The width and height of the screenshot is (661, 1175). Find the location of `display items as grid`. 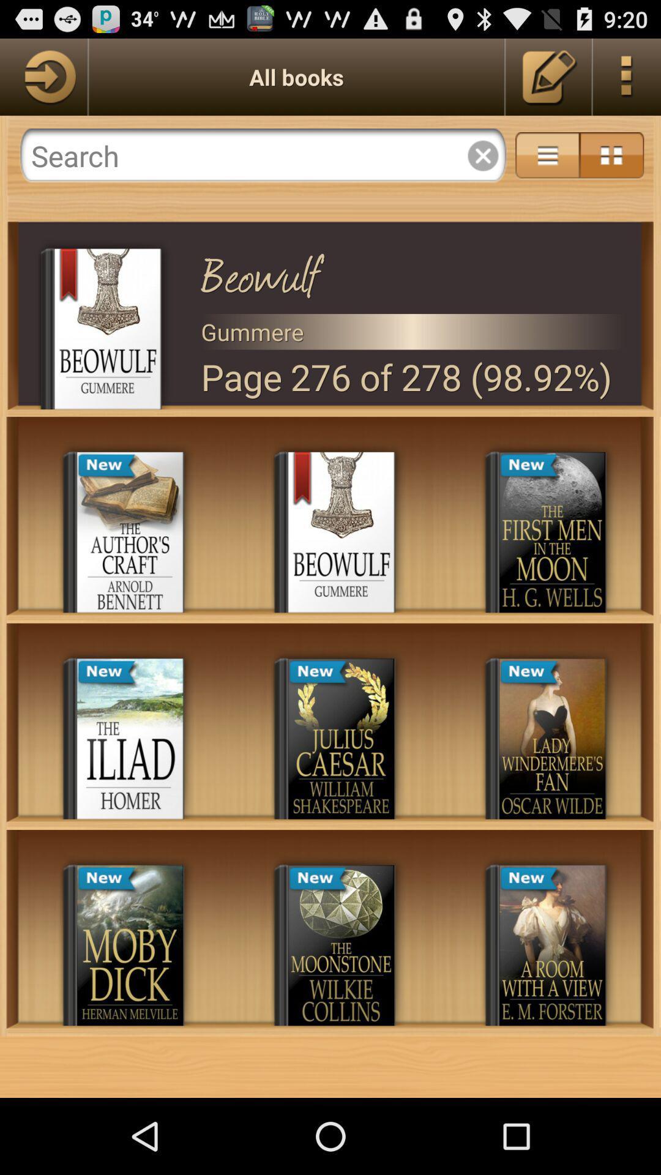

display items as grid is located at coordinates (611, 155).